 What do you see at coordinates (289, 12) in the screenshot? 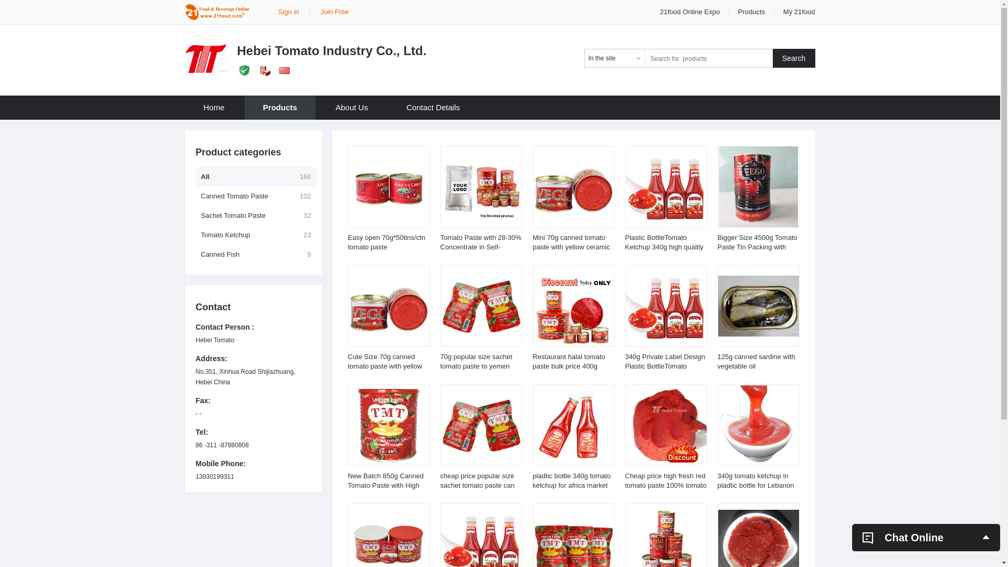
I see `'Sign in'` at bounding box center [289, 12].